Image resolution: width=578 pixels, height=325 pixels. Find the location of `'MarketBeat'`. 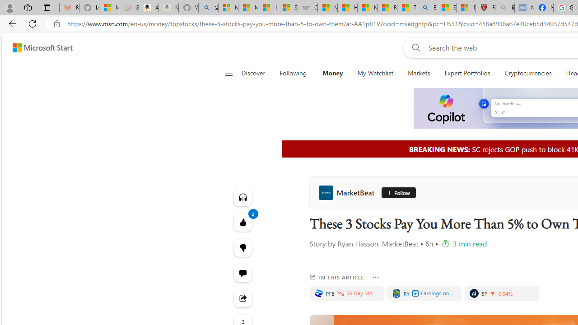

'MarketBeat' is located at coordinates (348, 192).